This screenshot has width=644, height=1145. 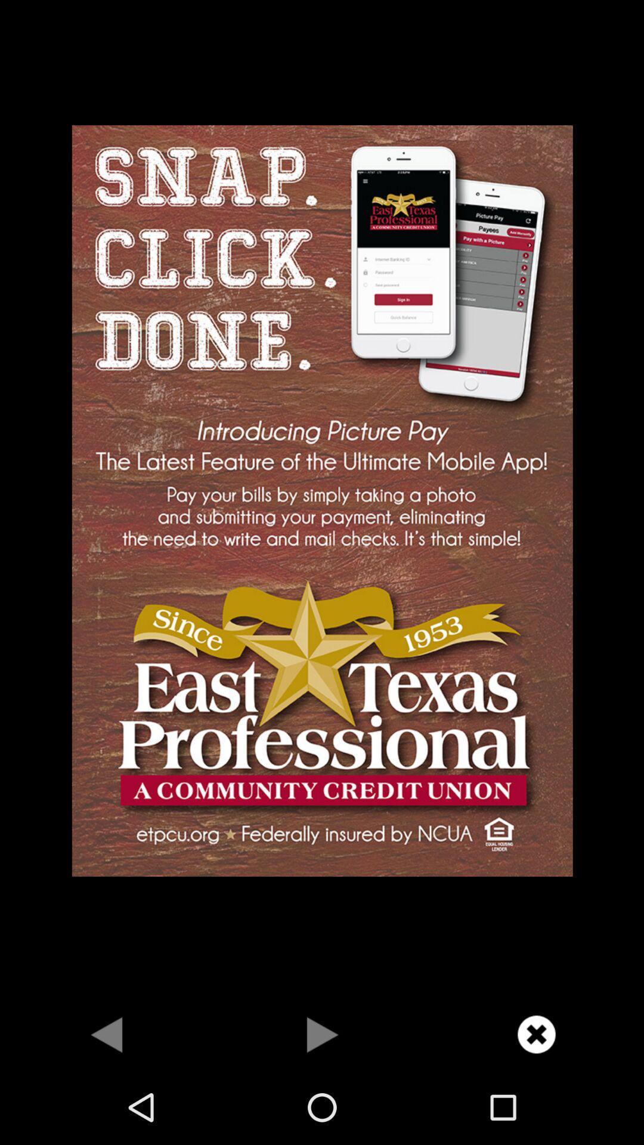 What do you see at coordinates (322, 1033) in the screenshot?
I see `next slide` at bounding box center [322, 1033].